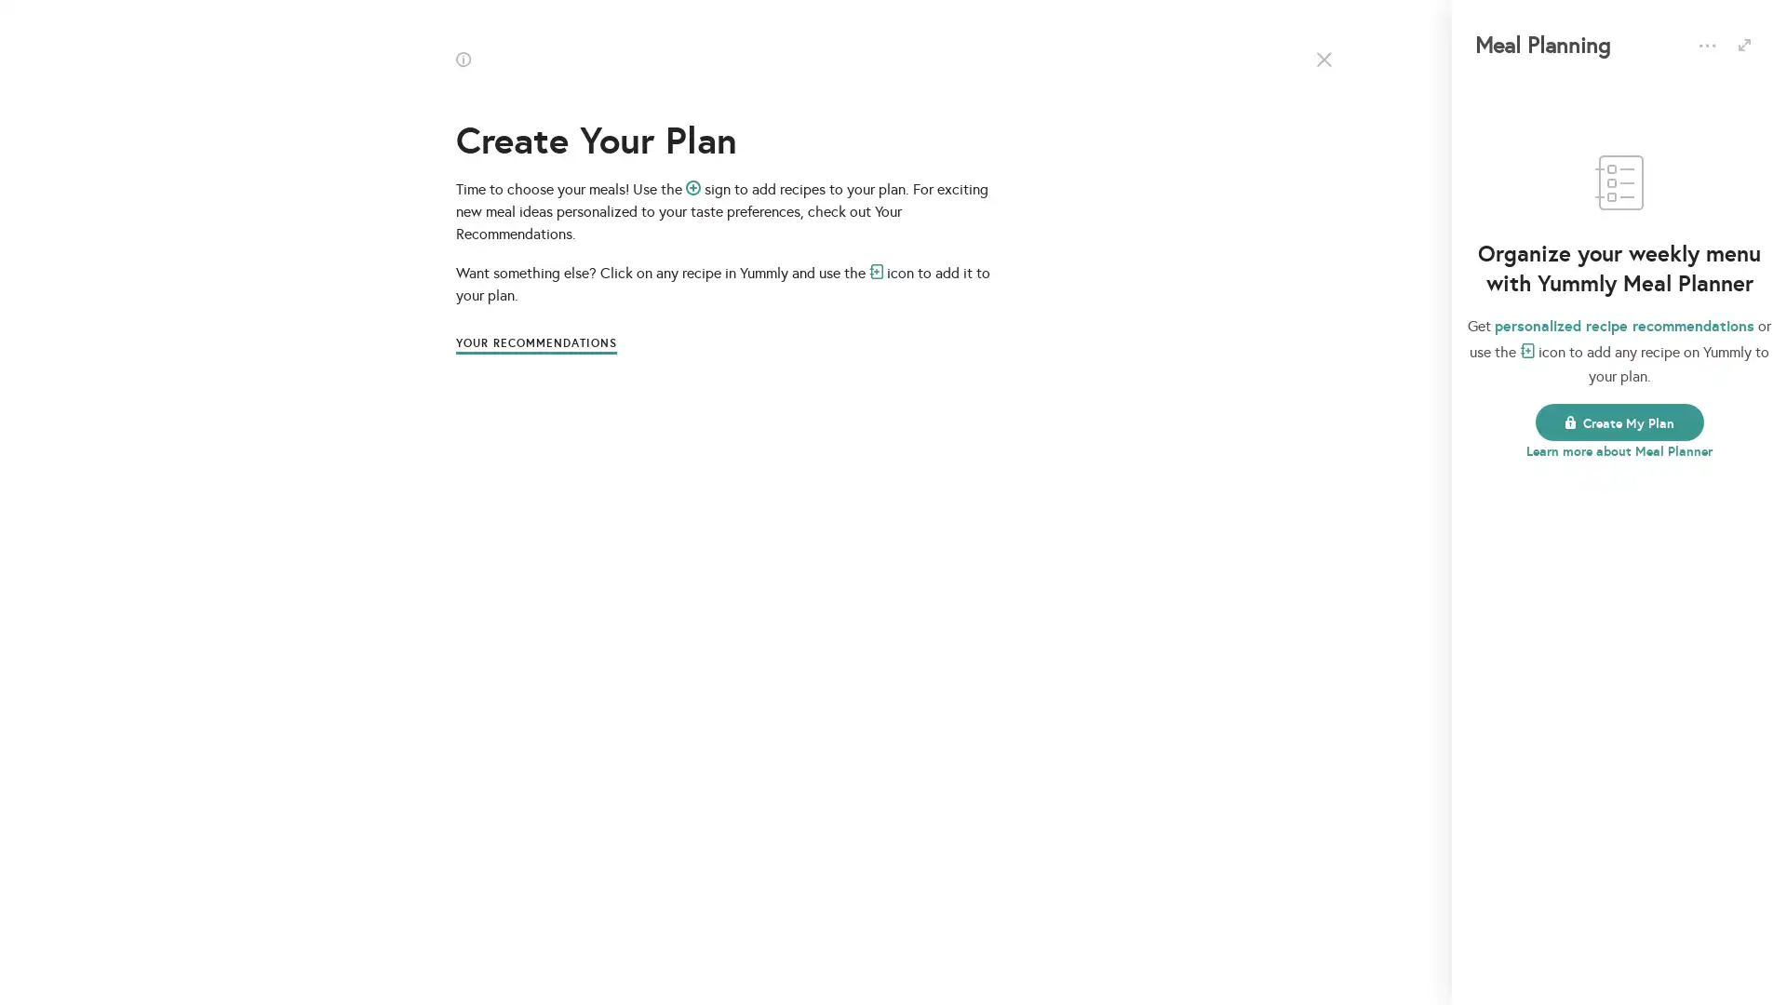  What do you see at coordinates (893, 382) in the screenshot?
I see `Low FODMAP` at bounding box center [893, 382].